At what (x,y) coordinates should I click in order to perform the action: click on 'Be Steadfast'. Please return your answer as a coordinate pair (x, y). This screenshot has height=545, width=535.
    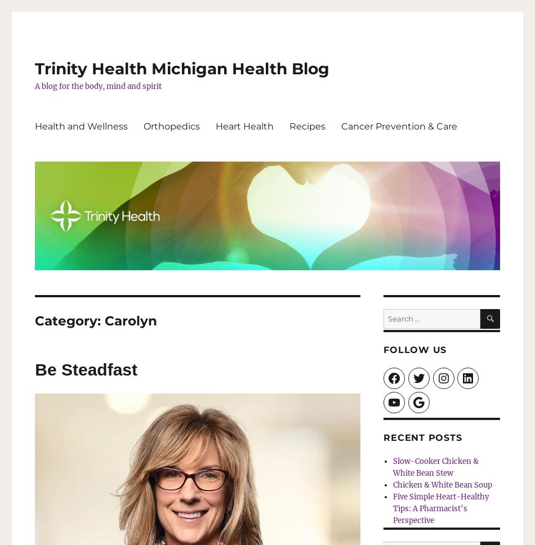
    Looking at the image, I should click on (35, 369).